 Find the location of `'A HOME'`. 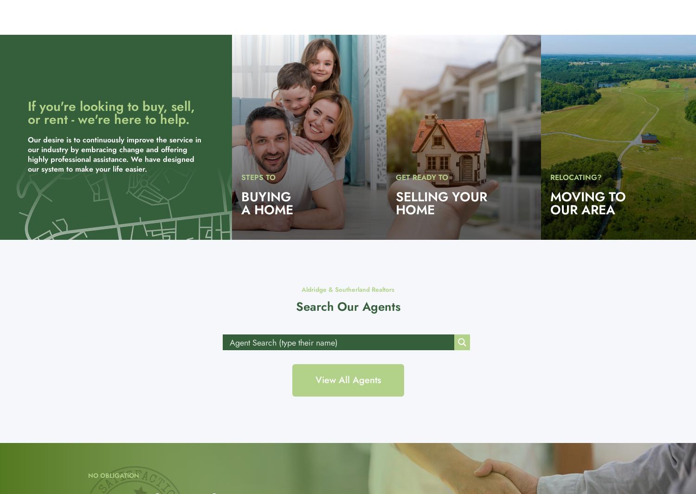

'A HOME' is located at coordinates (241, 209).